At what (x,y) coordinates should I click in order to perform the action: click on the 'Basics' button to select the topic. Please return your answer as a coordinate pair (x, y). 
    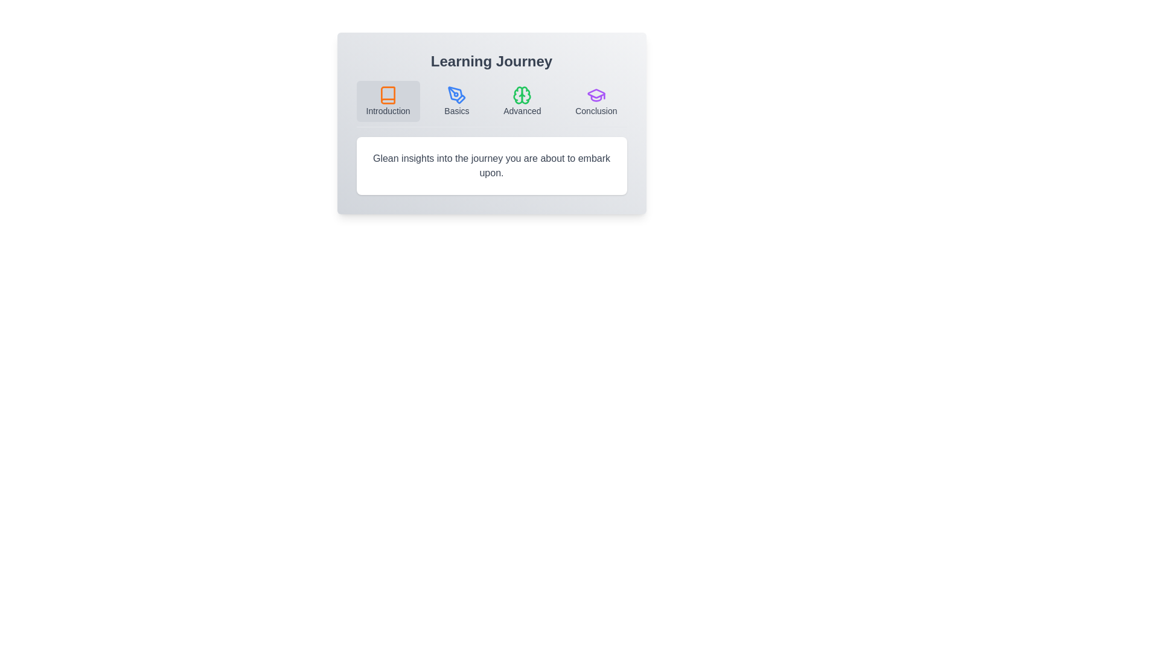
    Looking at the image, I should click on (456, 101).